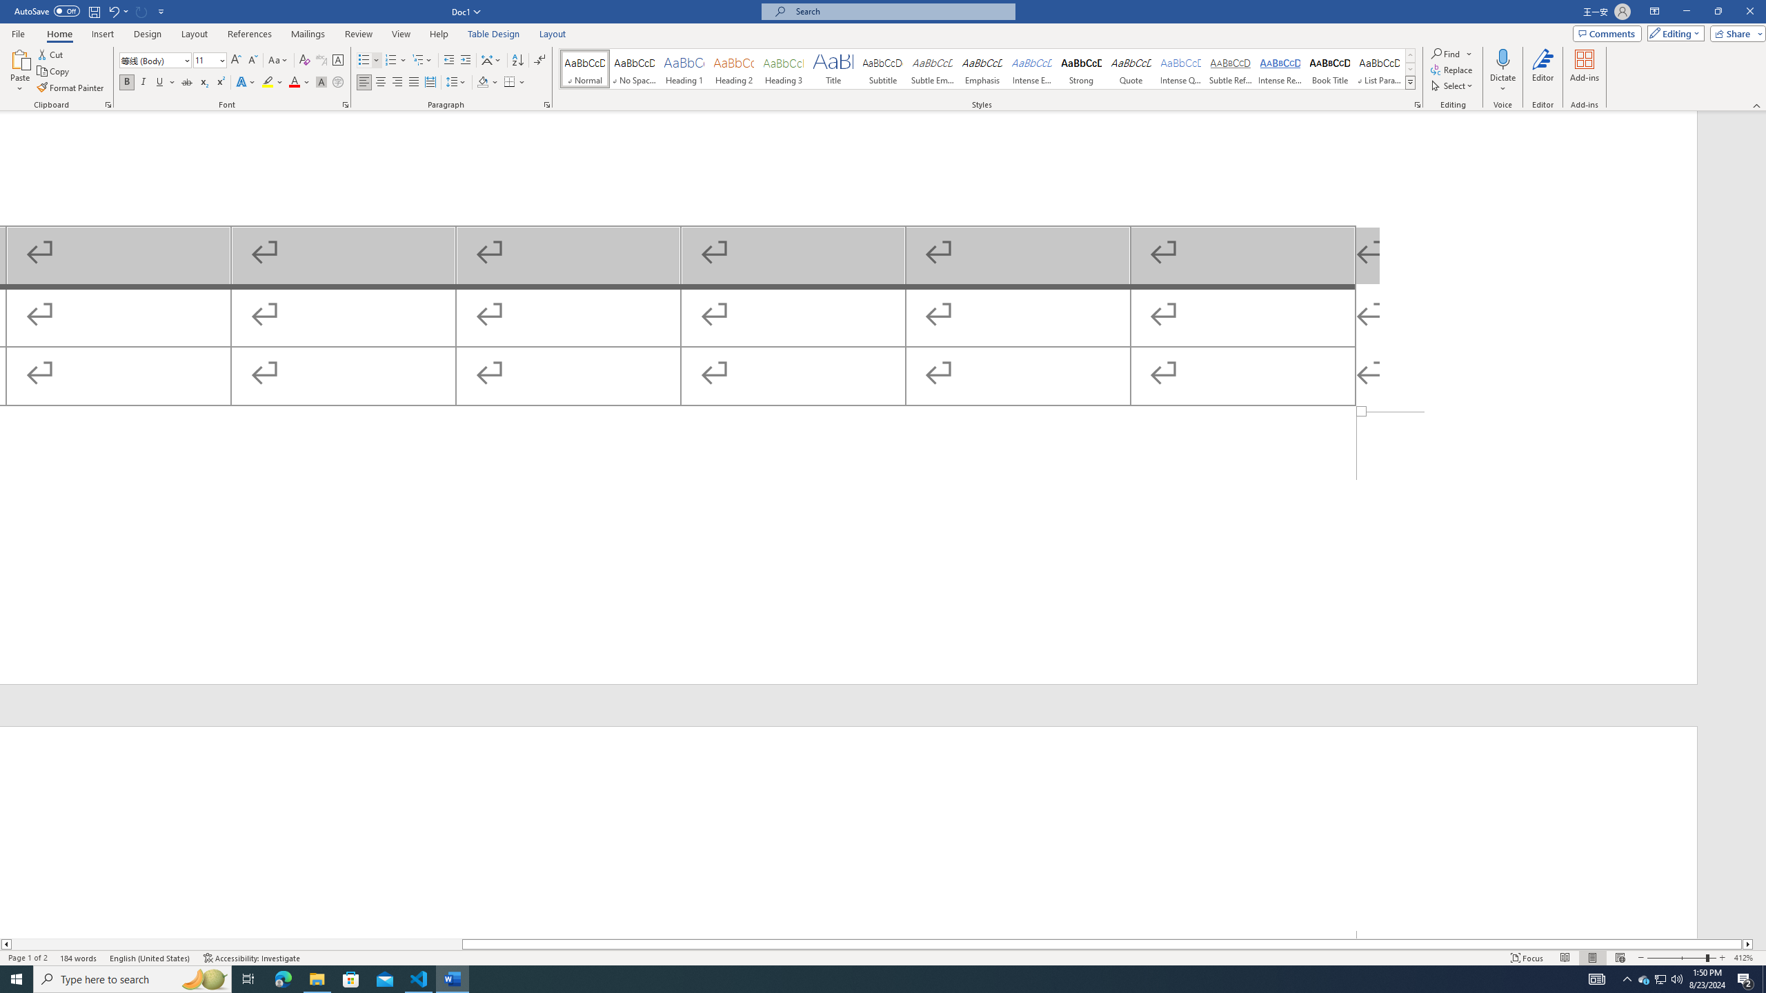 The width and height of the screenshot is (1766, 993). What do you see at coordinates (1280, 68) in the screenshot?
I see `'Intense Reference'` at bounding box center [1280, 68].